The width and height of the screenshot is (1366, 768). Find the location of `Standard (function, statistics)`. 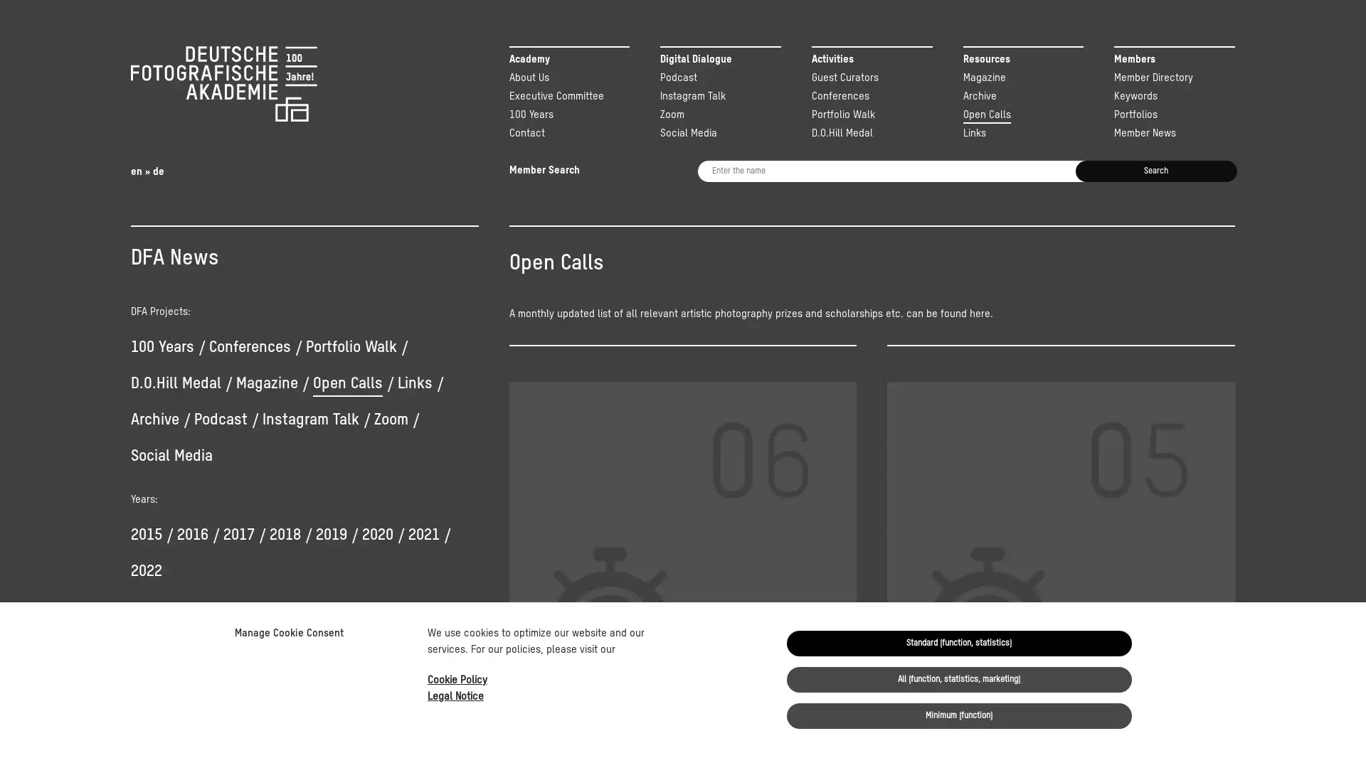

Standard (function, statistics) is located at coordinates (958, 644).